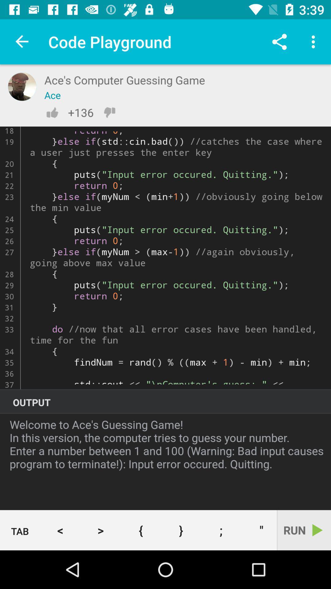 The height and width of the screenshot is (589, 331). I want to click on the ; button, so click(221, 530).